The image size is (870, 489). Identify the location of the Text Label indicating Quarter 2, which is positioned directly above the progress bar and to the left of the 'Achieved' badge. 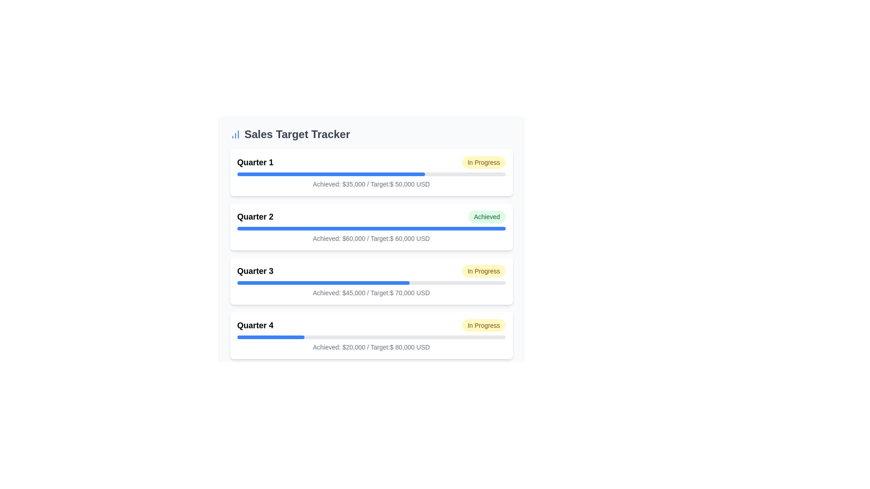
(255, 216).